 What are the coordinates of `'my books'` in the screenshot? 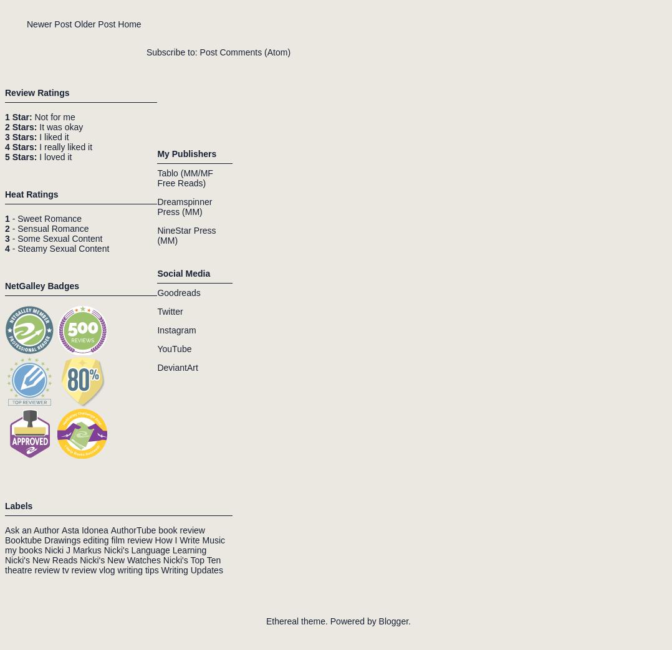 It's located at (22, 549).